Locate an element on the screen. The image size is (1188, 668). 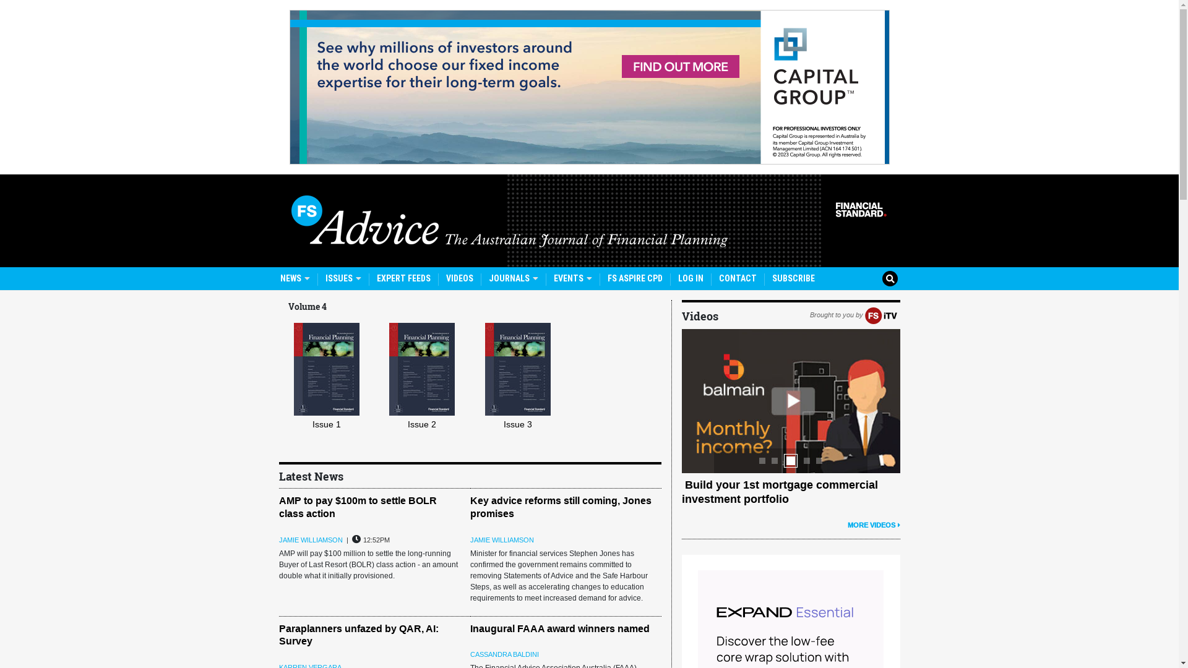
'FSiTV' is located at coordinates (880, 314).